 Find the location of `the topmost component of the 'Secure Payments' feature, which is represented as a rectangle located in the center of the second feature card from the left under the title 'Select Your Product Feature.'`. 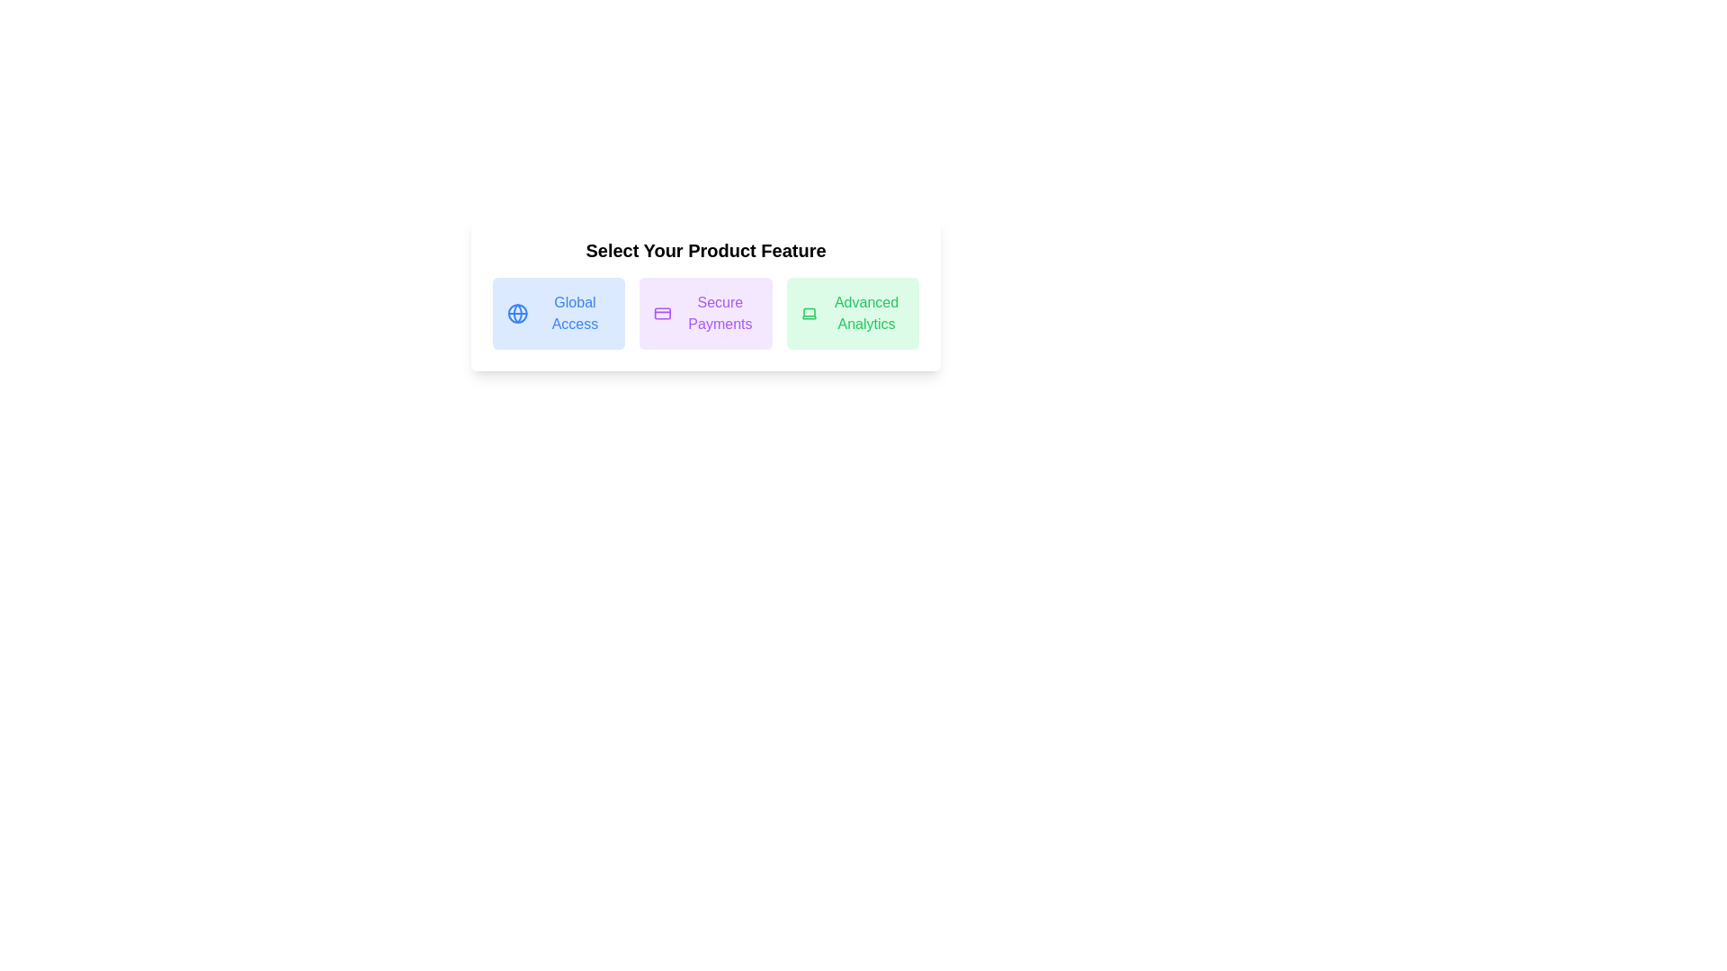

the topmost component of the 'Secure Payments' feature, which is represented as a rectangle located in the center of the second feature card from the left under the title 'Select Your Product Feature.' is located at coordinates (662, 312).